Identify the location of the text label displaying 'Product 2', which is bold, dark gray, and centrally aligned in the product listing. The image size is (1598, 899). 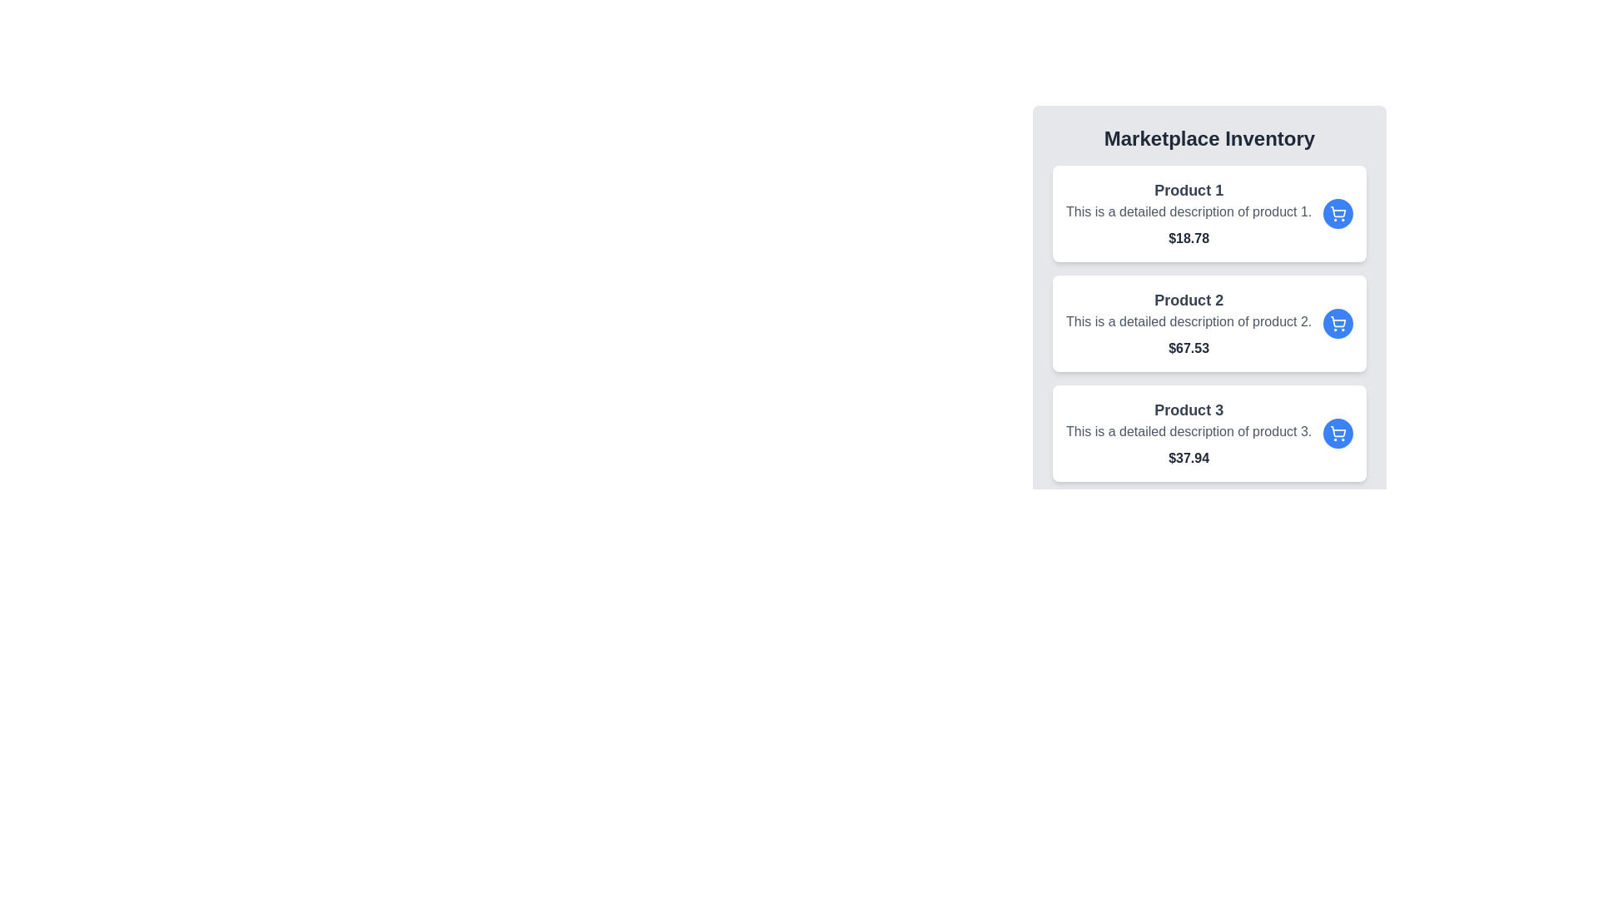
(1188, 300).